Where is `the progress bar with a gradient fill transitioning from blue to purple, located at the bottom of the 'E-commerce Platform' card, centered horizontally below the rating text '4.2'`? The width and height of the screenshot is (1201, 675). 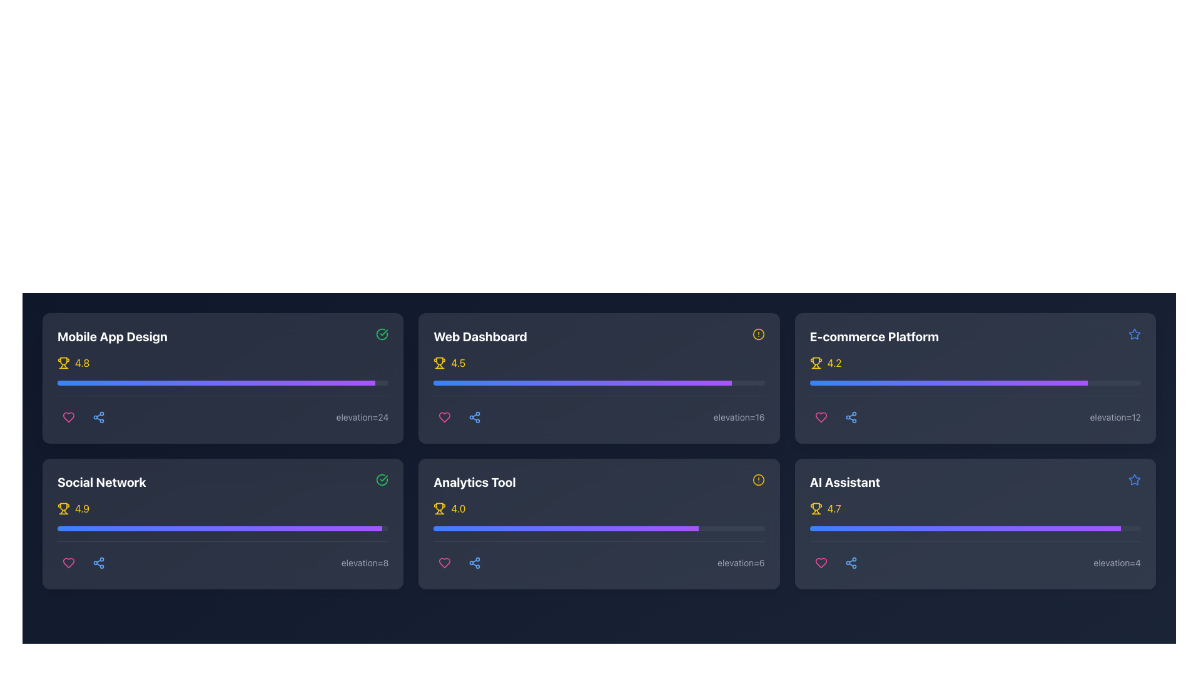 the progress bar with a gradient fill transitioning from blue to purple, located at the bottom of the 'E-commerce Platform' card, centered horizontally below the rating text '4.2' is located at coordinates (975, 382).